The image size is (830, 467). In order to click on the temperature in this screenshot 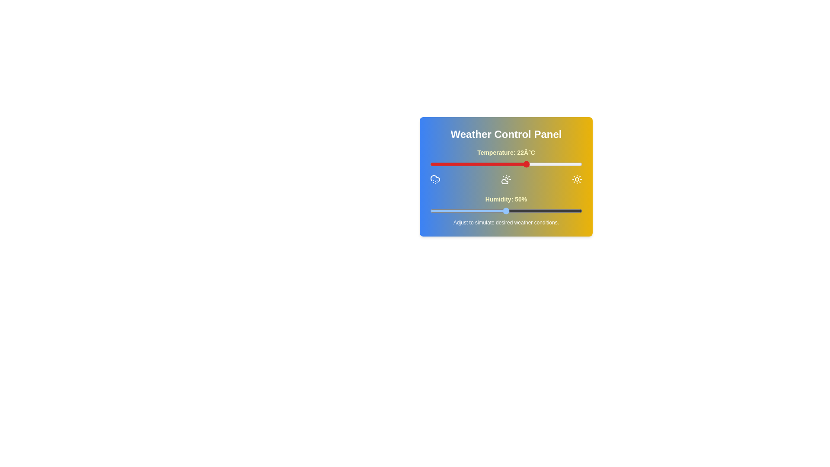, I will do `click(481, 164)`.